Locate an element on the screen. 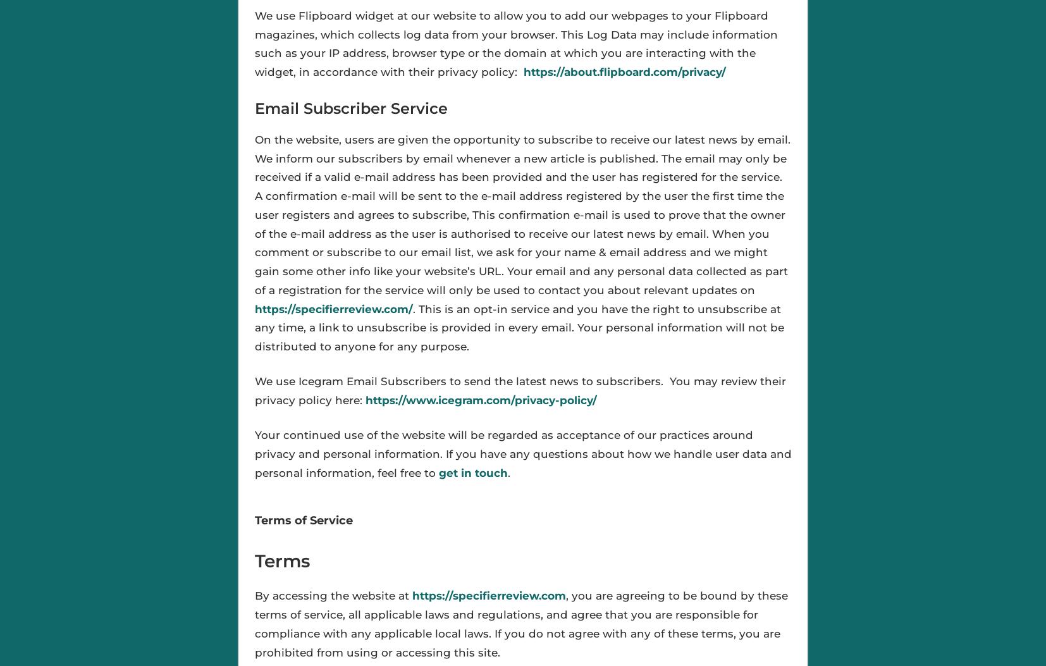  'Your continued use of the website will be regarded as acceptance of our practices around privacy and personal information. If you have any questions about how we handle user data and personal information, feel free to' is located at coordinates (522, 453).